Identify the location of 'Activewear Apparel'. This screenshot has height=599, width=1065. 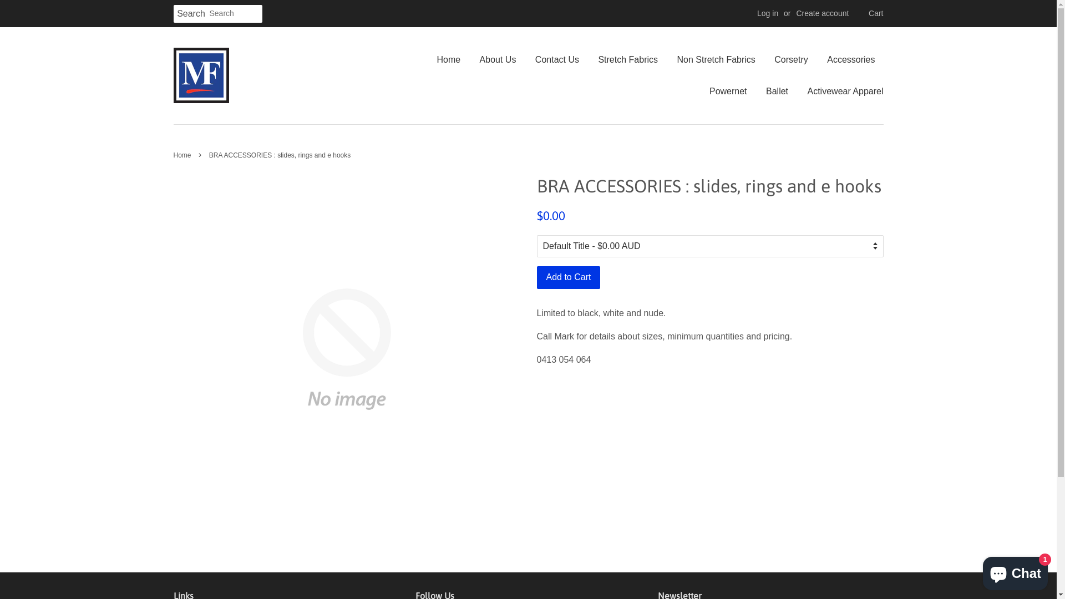
(841, 90).